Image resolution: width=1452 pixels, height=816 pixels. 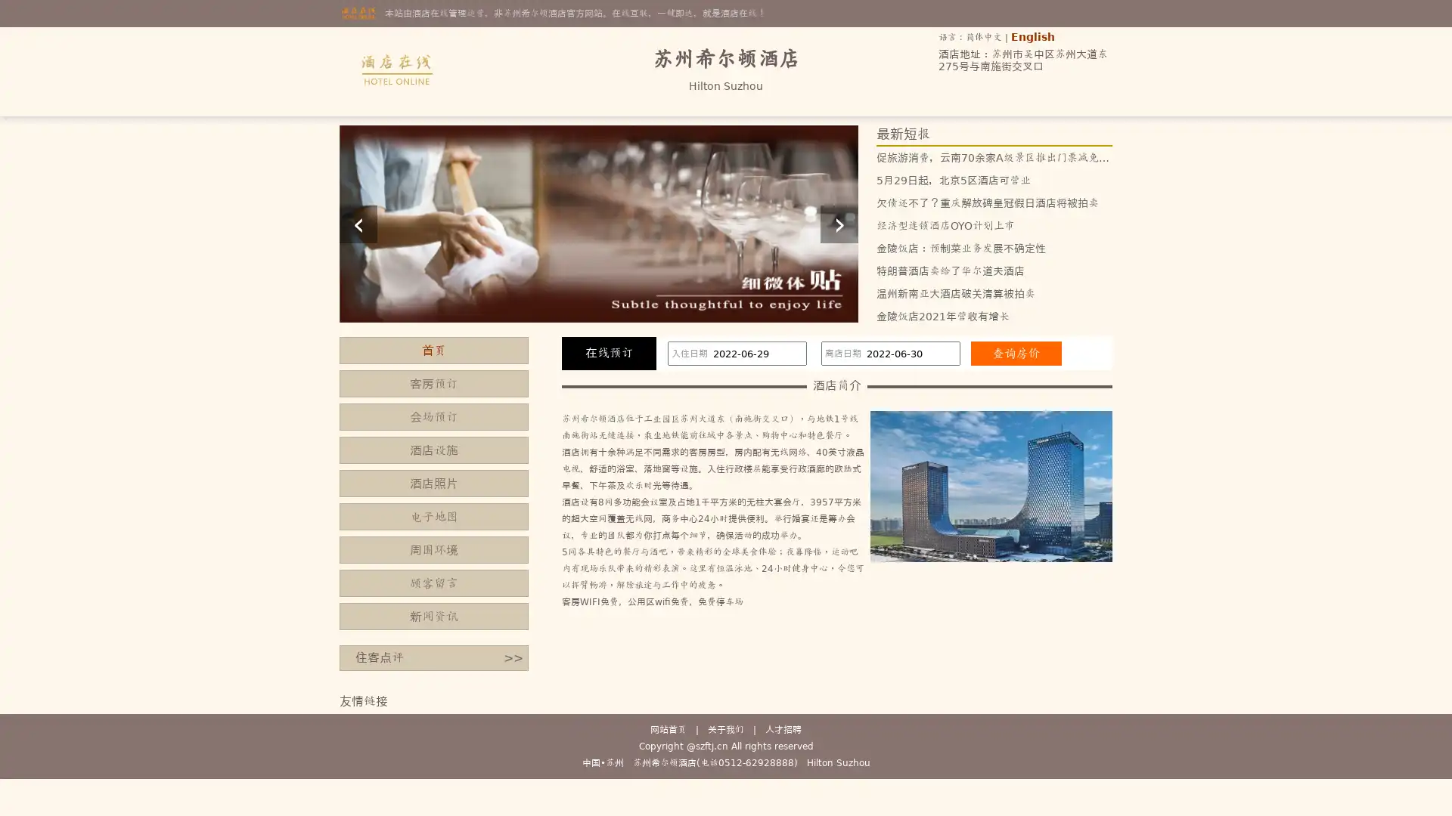 What do you see at coordinates (358, 224) in the screenshot?
I see `Previous` at bounding box center [358, 224].